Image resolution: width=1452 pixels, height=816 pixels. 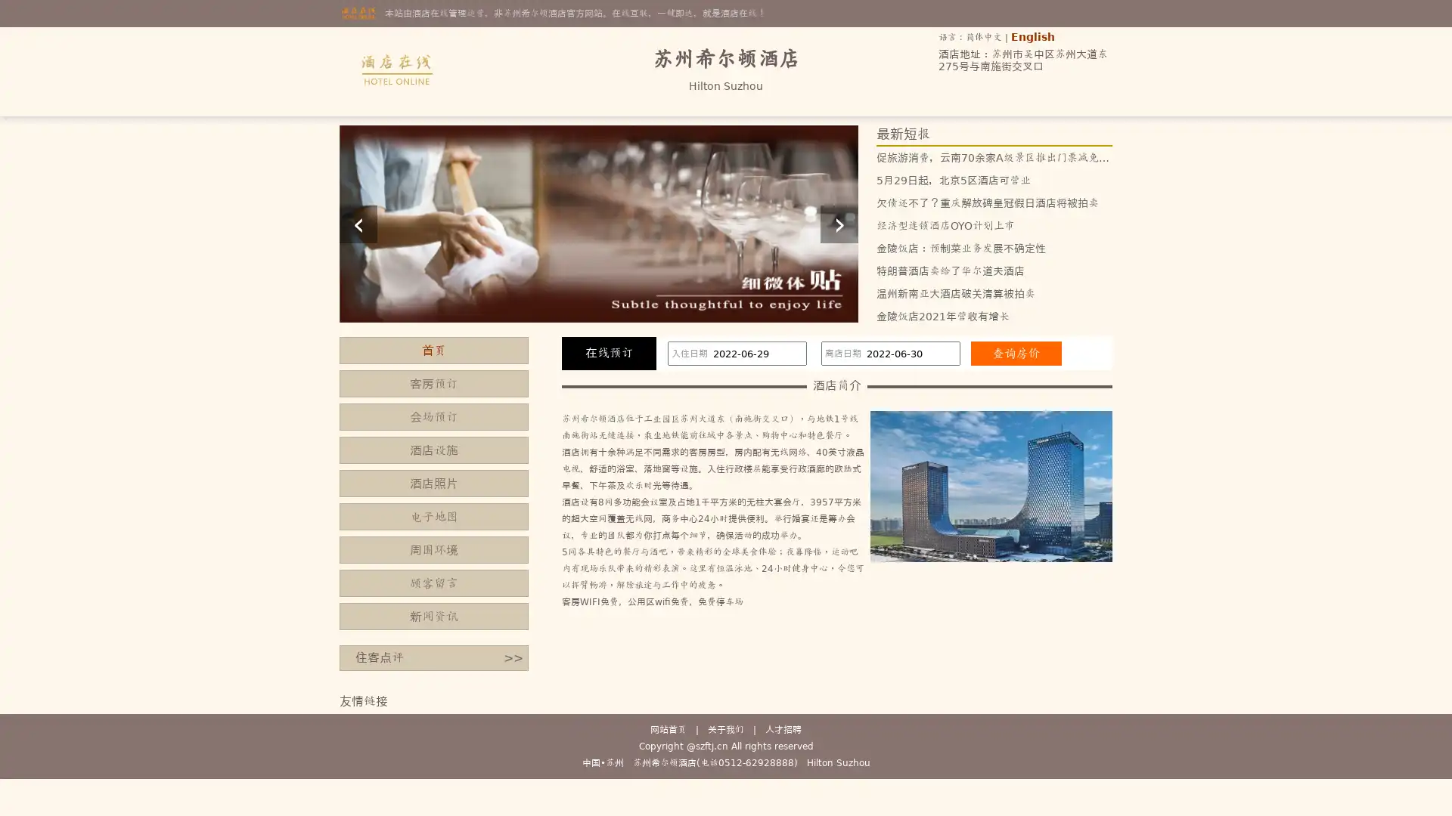 What do you see at coordinates (358, 224) in the screenshot?
I see `Previous` at bounding box center [358, 224].